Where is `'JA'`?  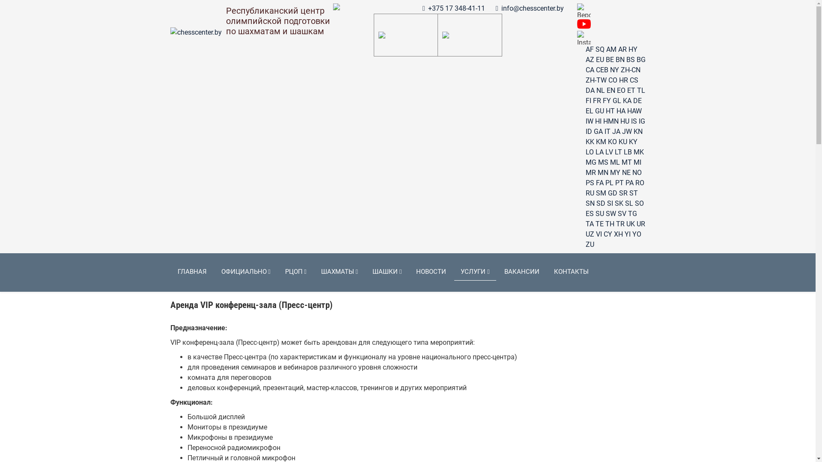 'JA' is located at coordinates (612, 131).